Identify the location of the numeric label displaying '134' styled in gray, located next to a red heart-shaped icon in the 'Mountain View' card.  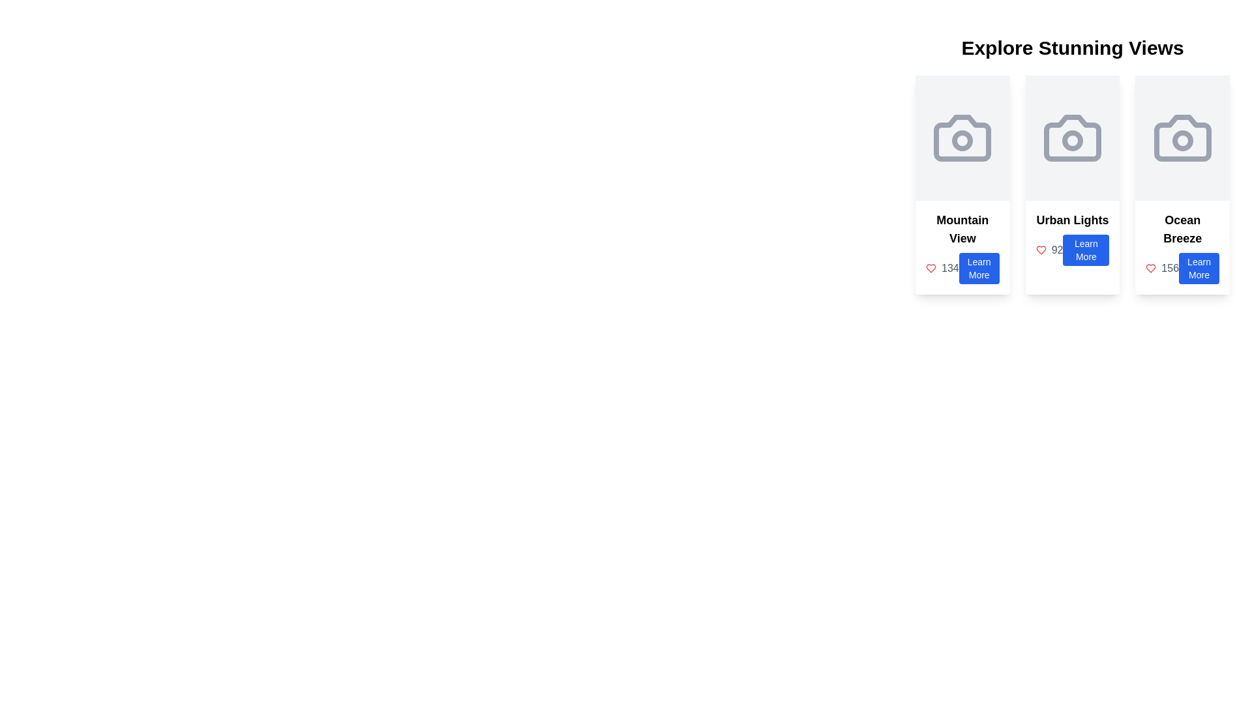
(942, 268).